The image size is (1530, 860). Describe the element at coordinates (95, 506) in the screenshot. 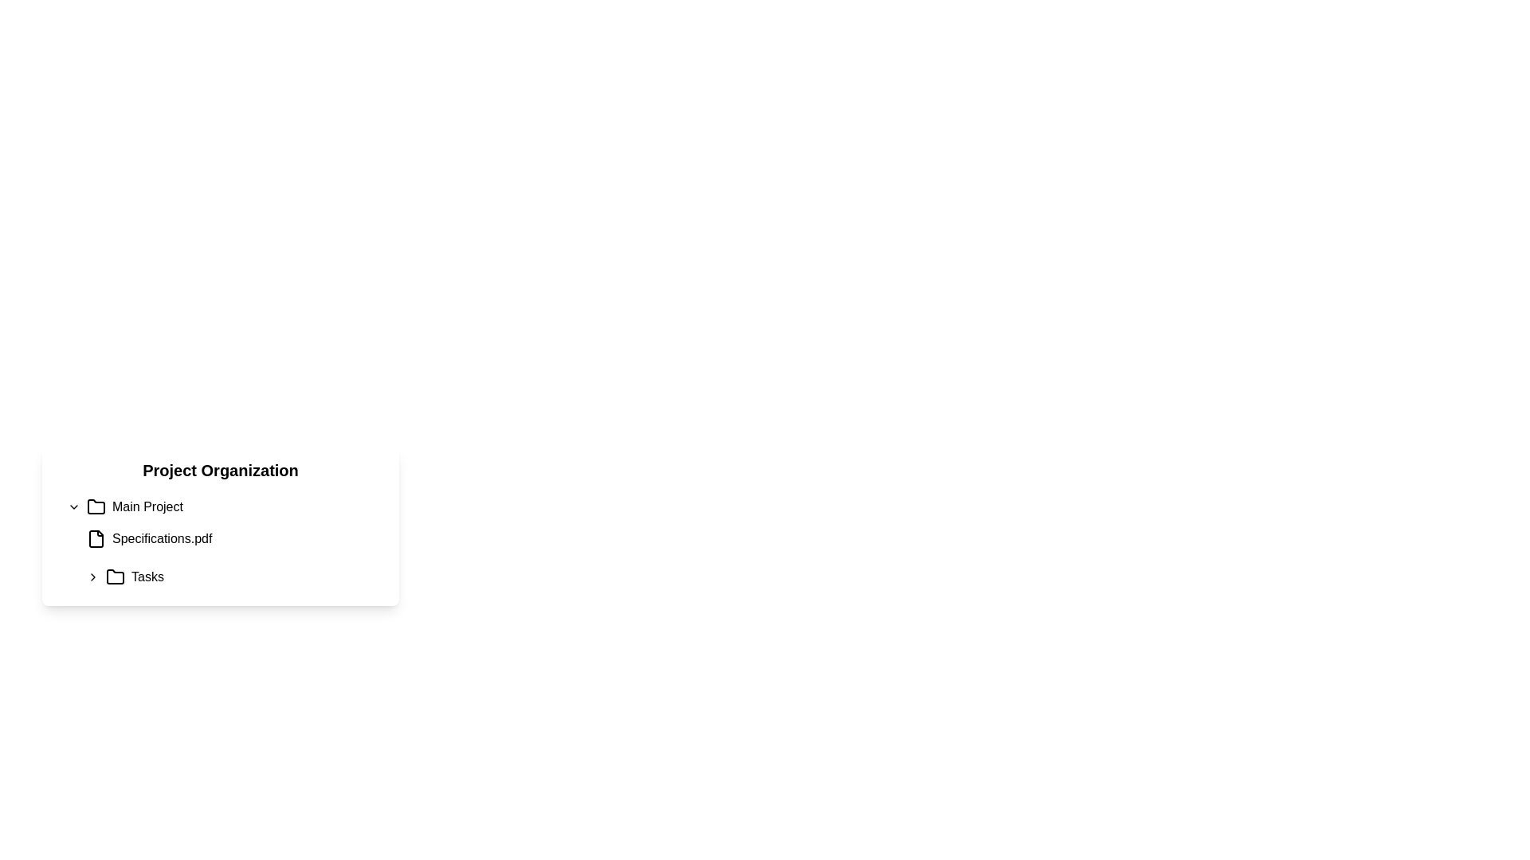

I see `the folder icon adjacent to the label 'Main Project'` at that location.